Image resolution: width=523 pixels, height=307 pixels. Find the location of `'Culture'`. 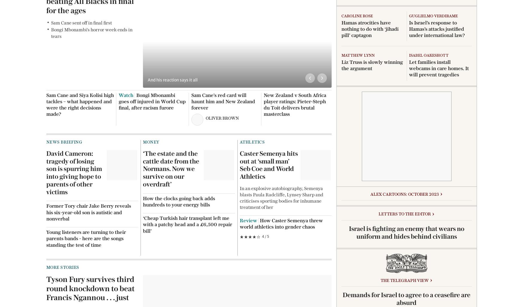

'Culture' is located at coordinates (272, 22).